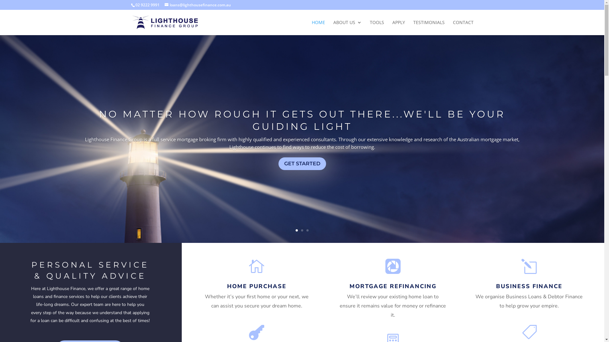  Describe the element at coordinates (429, 27) in the screenshot. I see `'TESTIMONIALS'` at that location.